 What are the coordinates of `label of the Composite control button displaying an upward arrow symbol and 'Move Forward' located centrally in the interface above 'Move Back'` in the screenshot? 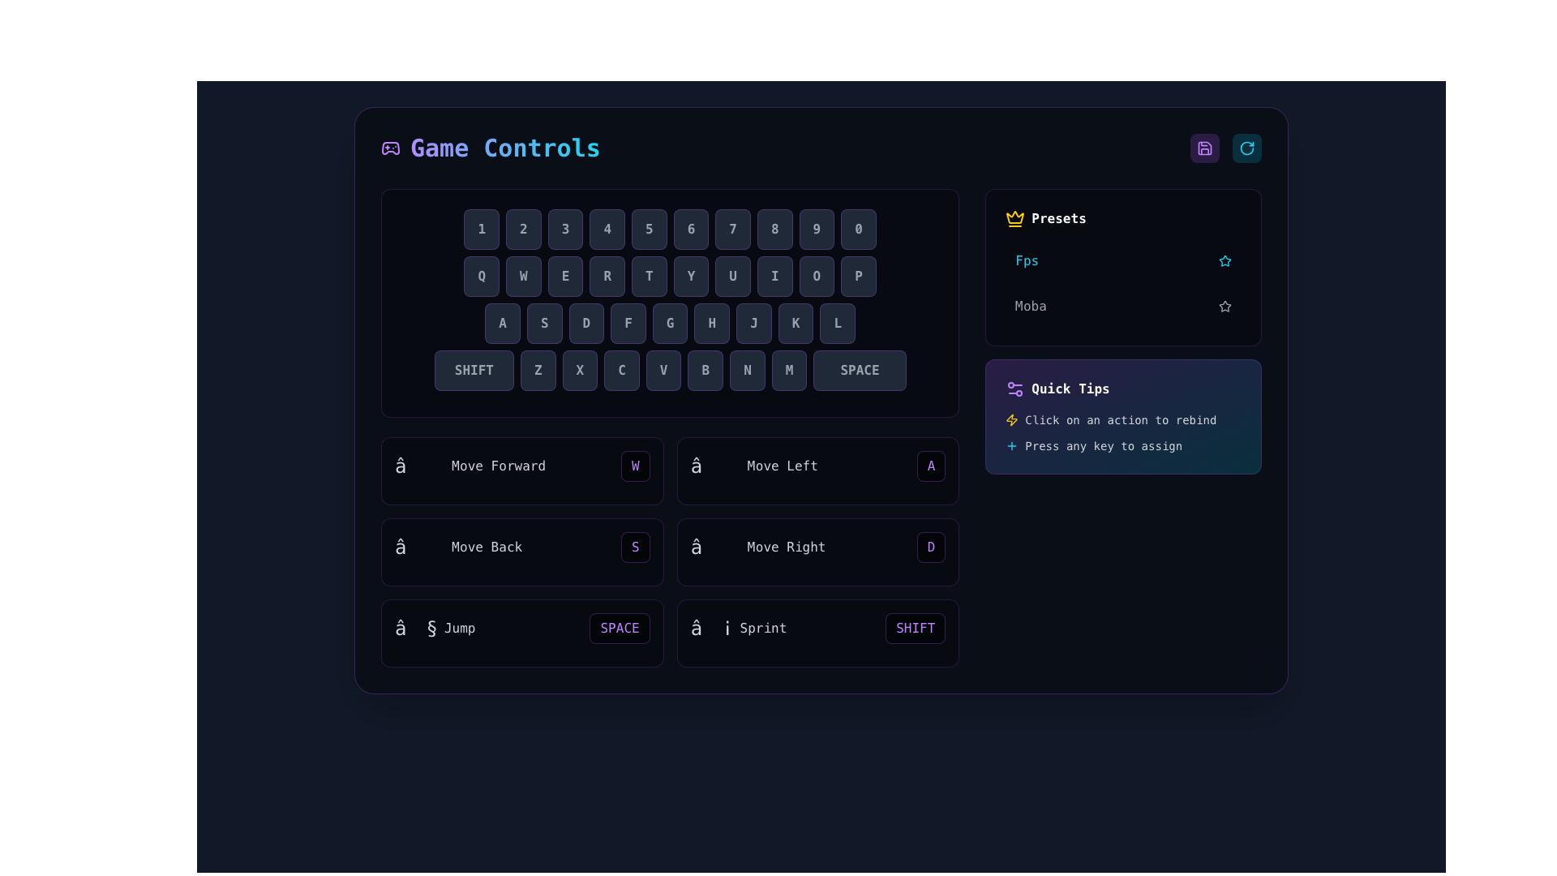 It's located at (522, 466).